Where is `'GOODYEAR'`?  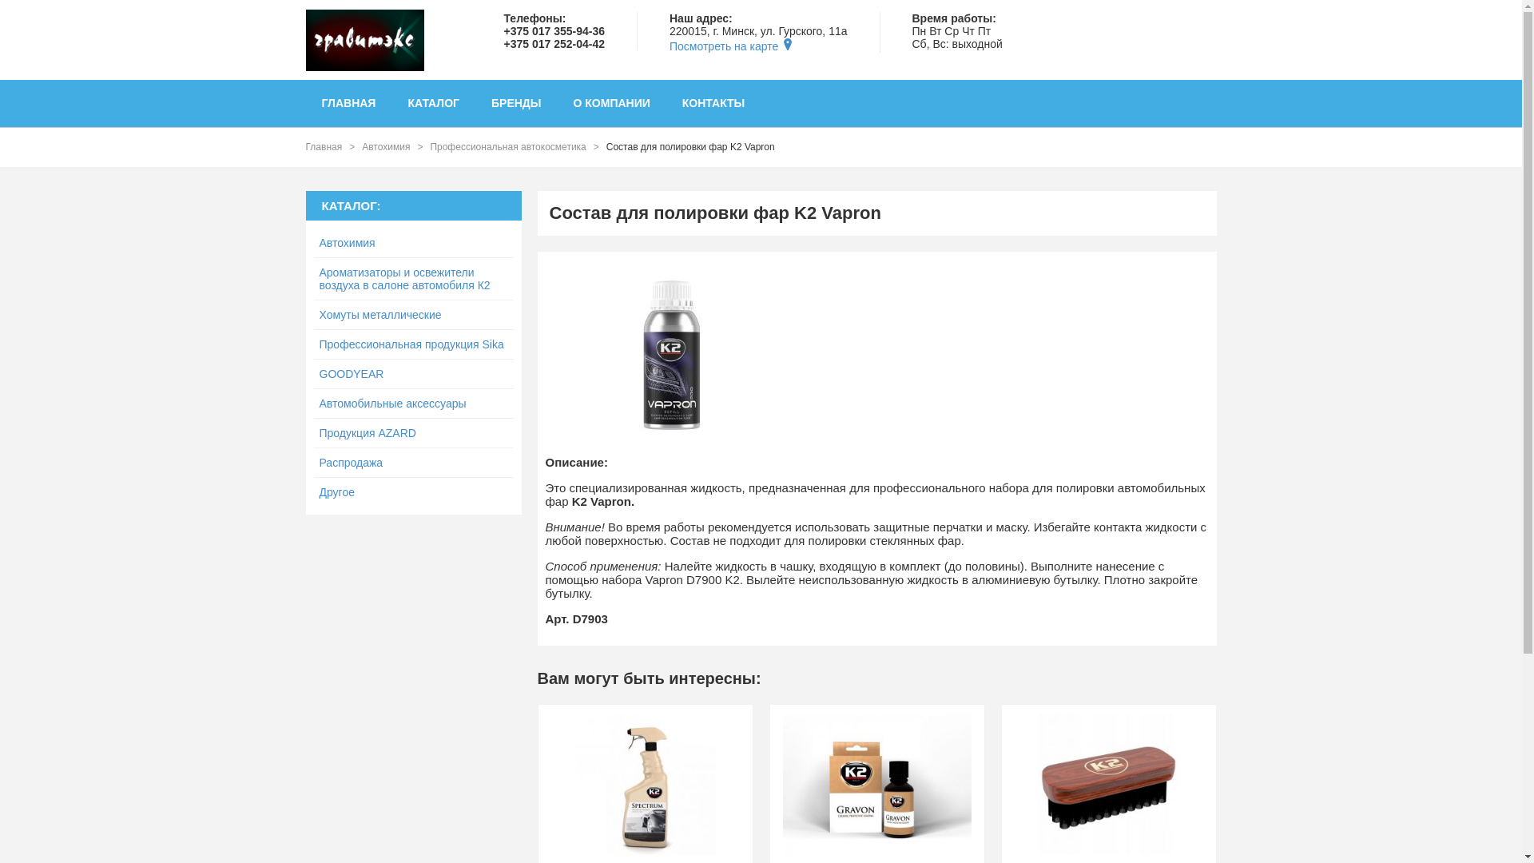
'GOODYEAR' is located at coordinates (413, 374).